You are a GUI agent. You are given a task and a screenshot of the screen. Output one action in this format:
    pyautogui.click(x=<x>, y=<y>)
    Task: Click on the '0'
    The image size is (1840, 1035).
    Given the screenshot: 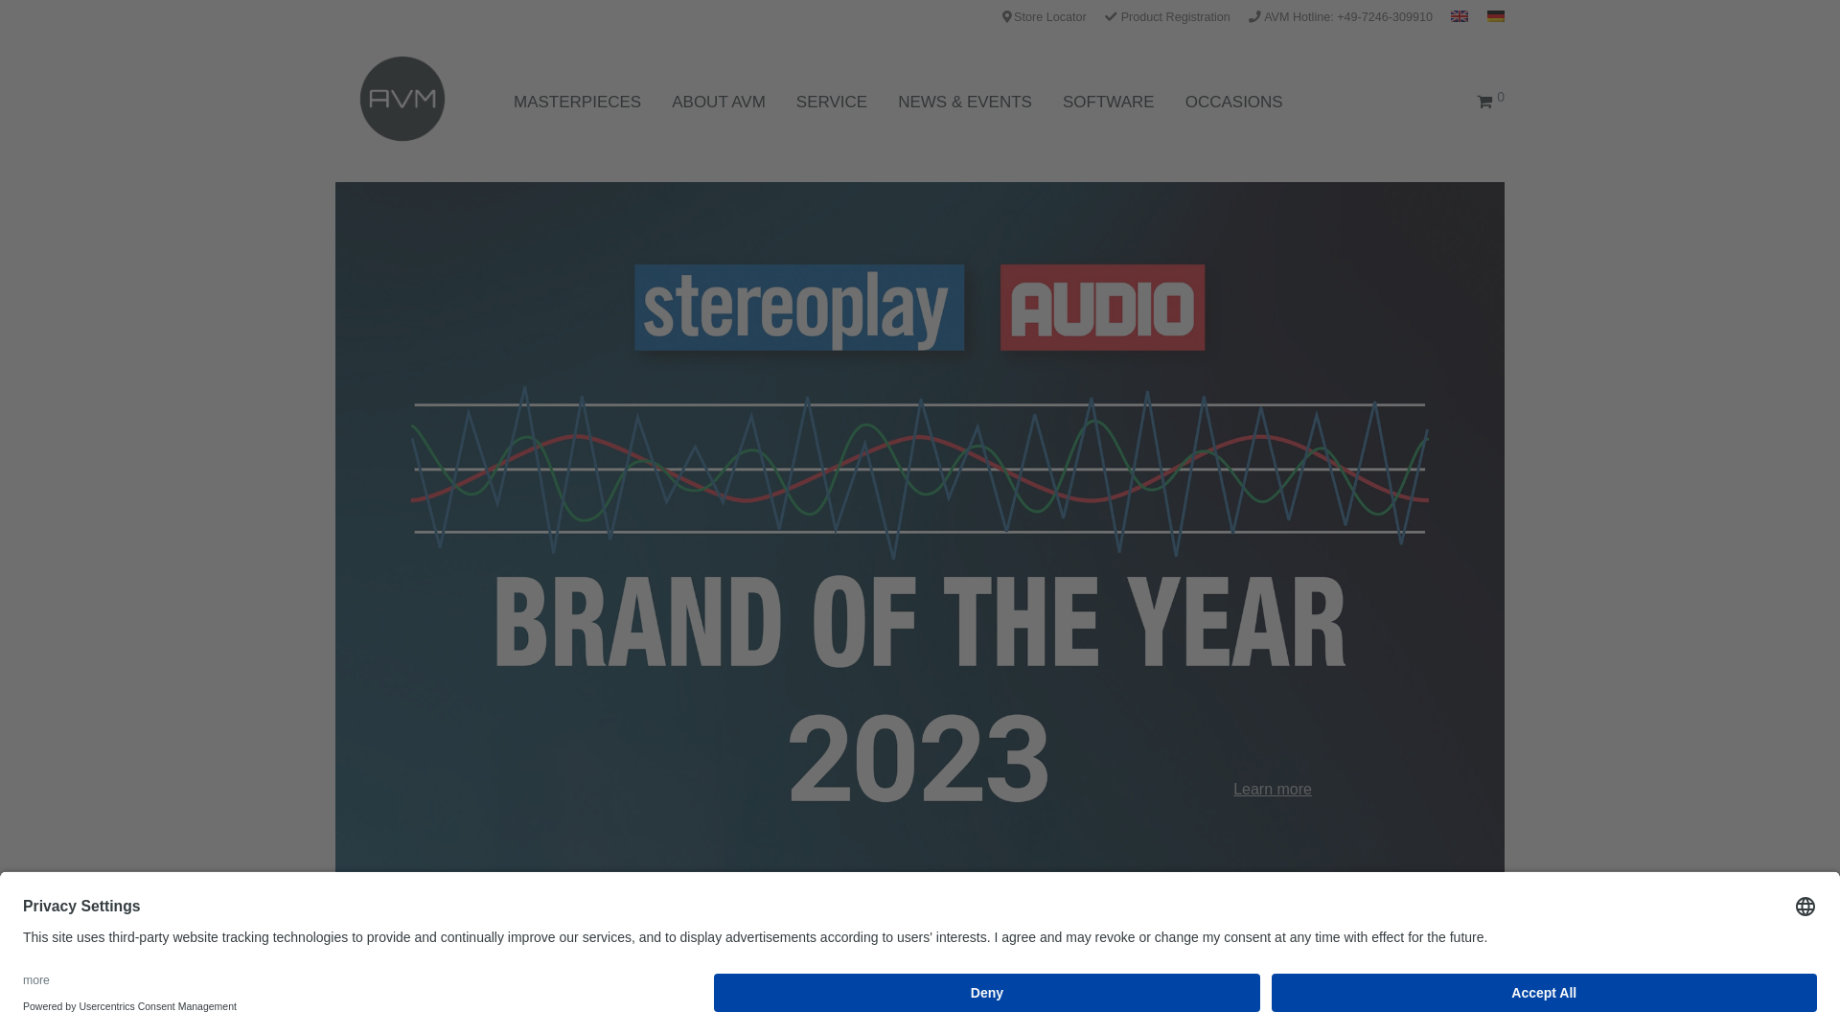 What is the action you would take?
    pyautogui.click(x=1489, y=102)
    